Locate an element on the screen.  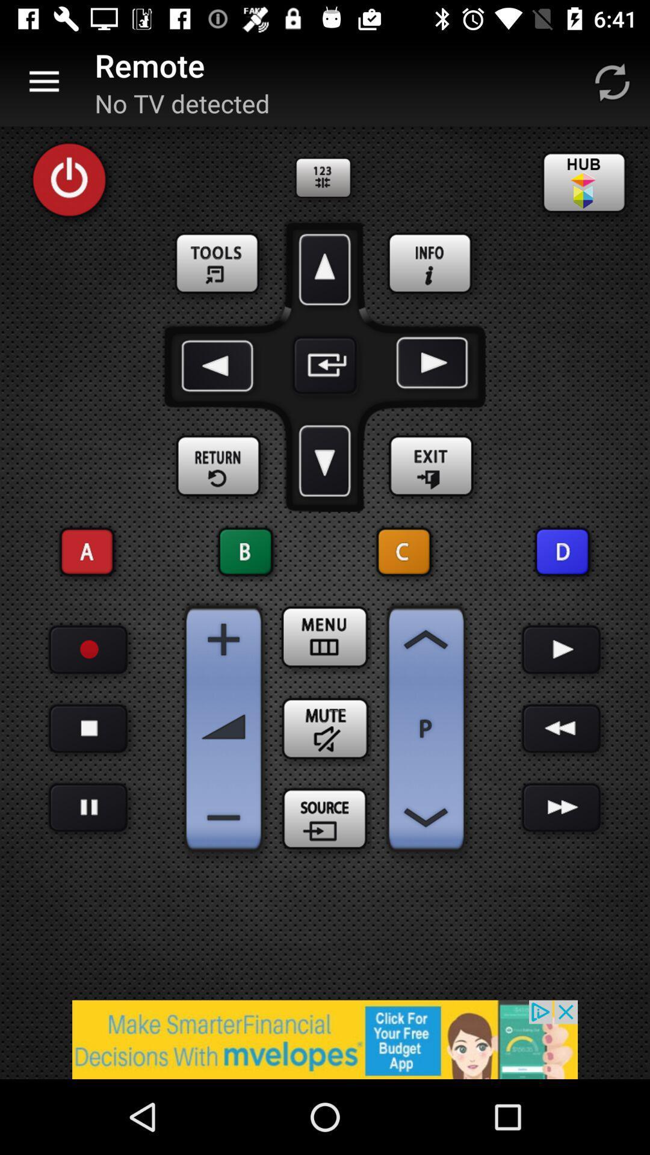
pause option is located at coordinates (87, 728).